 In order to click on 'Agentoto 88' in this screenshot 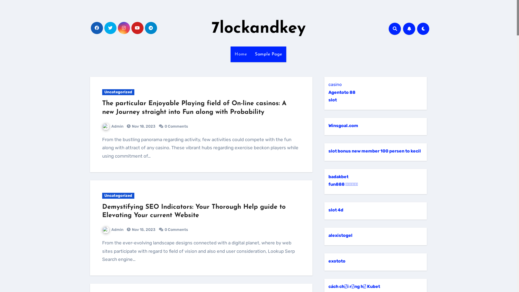, I will do `click(328, 92)`.